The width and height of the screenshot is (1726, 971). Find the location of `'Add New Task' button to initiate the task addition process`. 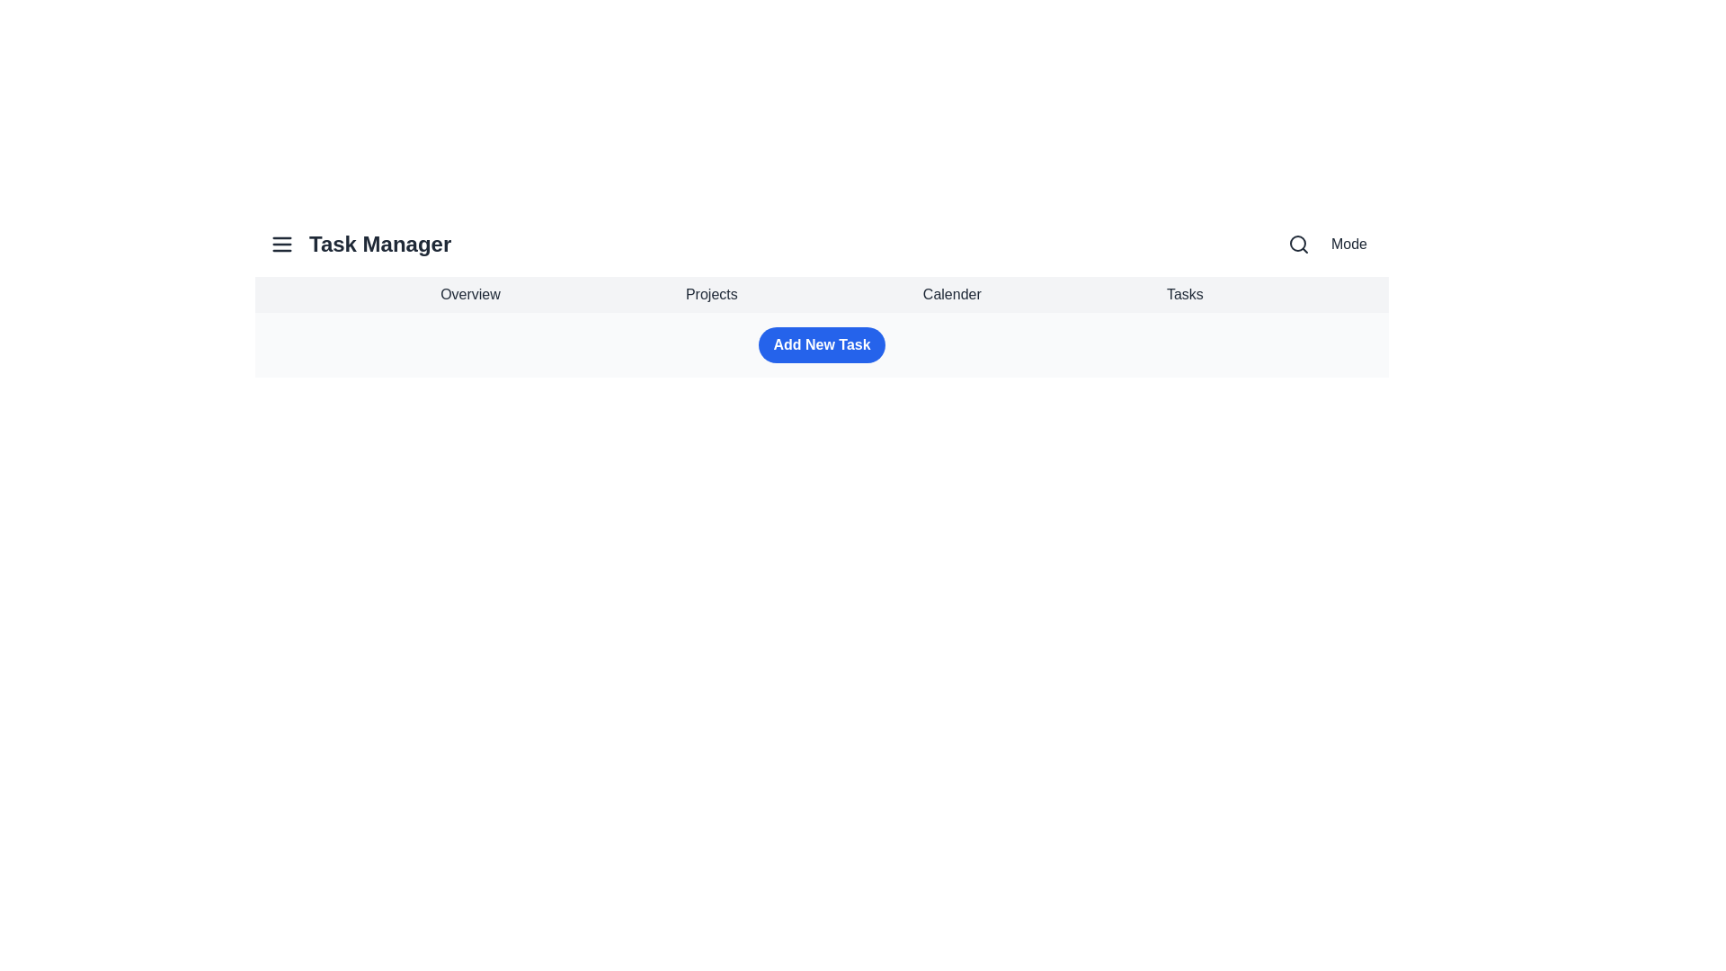

'Add New Task' button to initiate the task addition process is located at coordinates (821, 345).